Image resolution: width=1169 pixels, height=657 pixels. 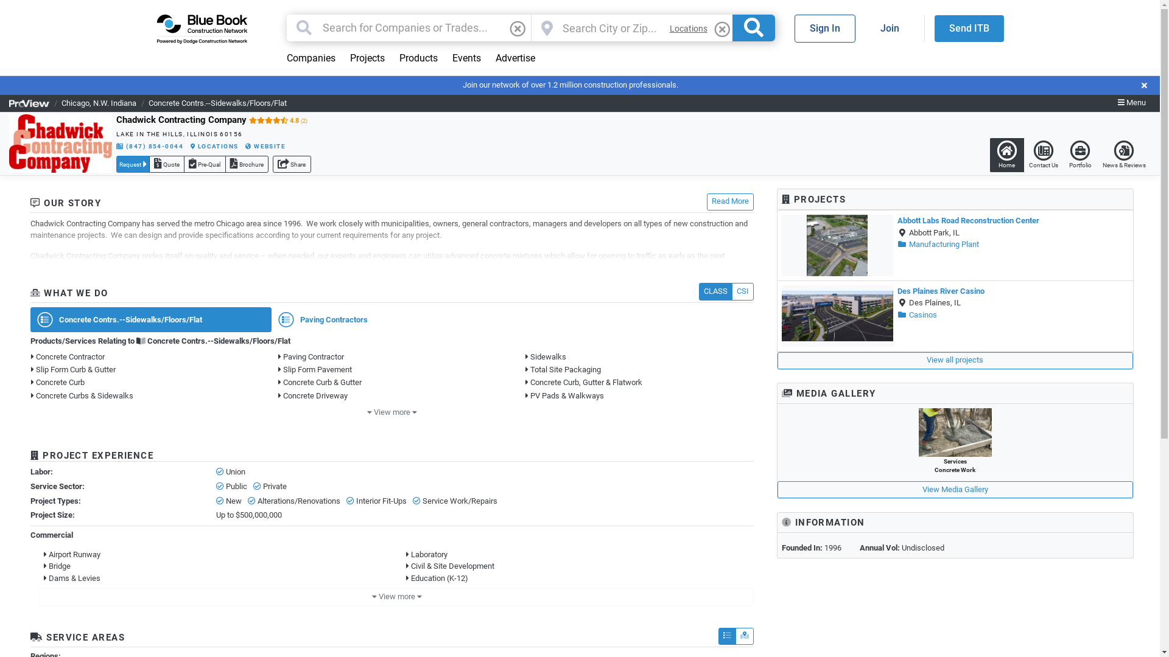 What do you see at coordinates (715, 291) in the screenshot?
I see `'CLASS'` at bounding box center [715, 291].